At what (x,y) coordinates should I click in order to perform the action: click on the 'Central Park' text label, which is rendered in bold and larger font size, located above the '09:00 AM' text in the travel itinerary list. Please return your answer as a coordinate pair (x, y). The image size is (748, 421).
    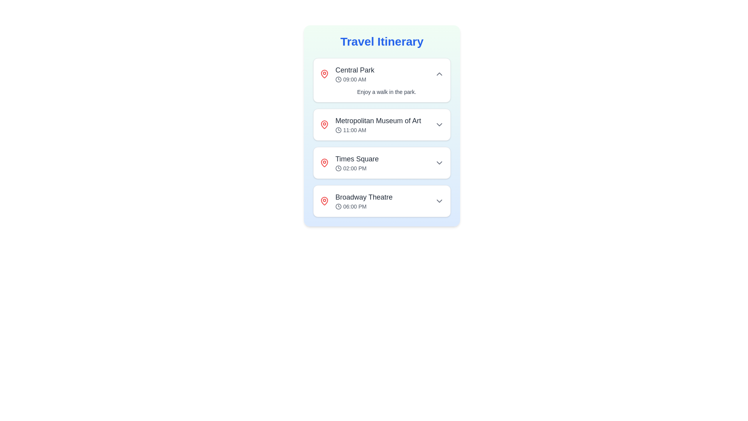
    Looking at the image, I should click on (355, 70).